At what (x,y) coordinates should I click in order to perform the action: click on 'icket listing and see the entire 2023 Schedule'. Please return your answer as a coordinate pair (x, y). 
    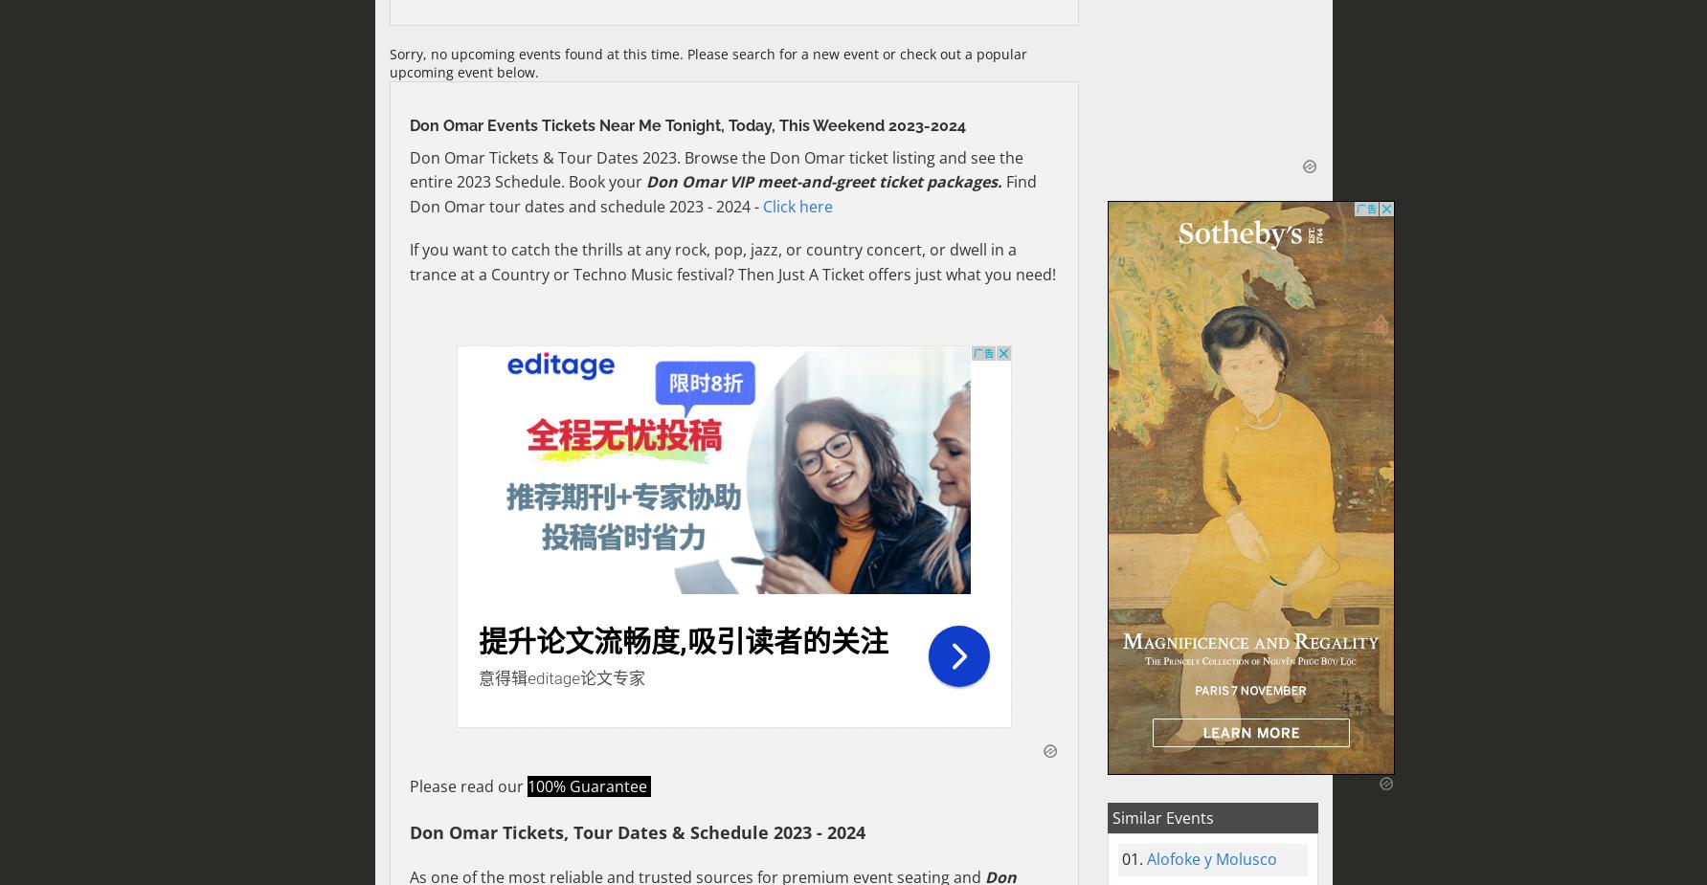
    Looking at the image, I should click on (409, 168).